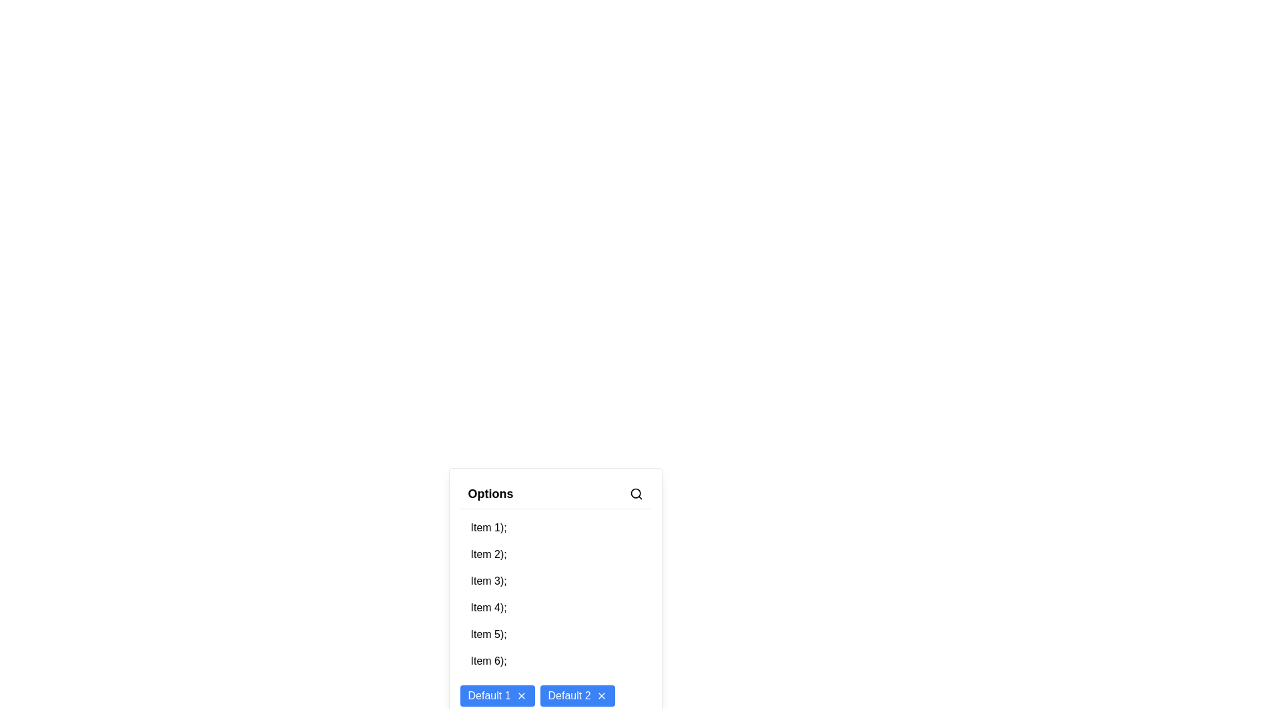 The height and width of the screenshot is (720, 1281). What do you see at coordinates (635, 493) in the screenshot?
I see `the search icon located in the top-right corner of the 'Options' section` at bounding box center [635, 493].